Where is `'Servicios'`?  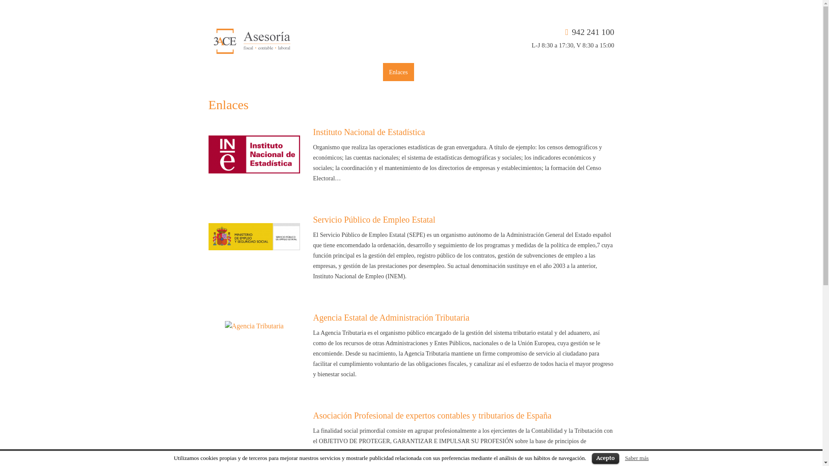 'Servicios' is located at coordinates (283, 71).